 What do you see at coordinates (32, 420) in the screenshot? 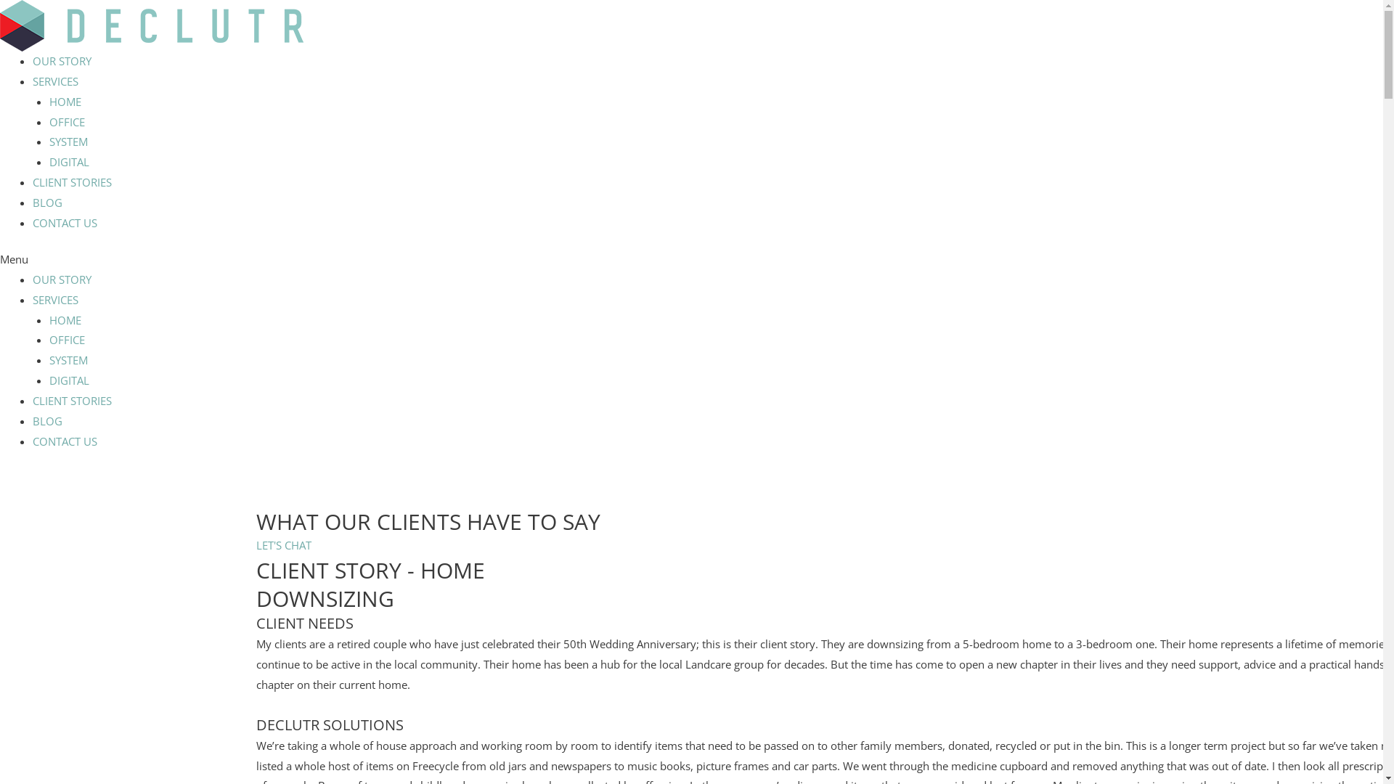
I see `'BLOG'` at bounding box center [32, 420].